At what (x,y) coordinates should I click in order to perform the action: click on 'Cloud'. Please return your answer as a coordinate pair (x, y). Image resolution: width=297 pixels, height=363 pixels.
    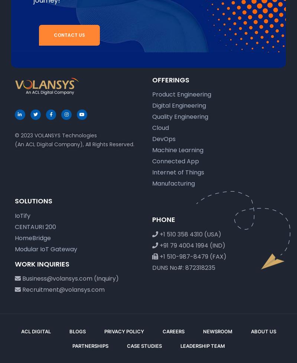
    Looking at the image, I should click on (160, 127).